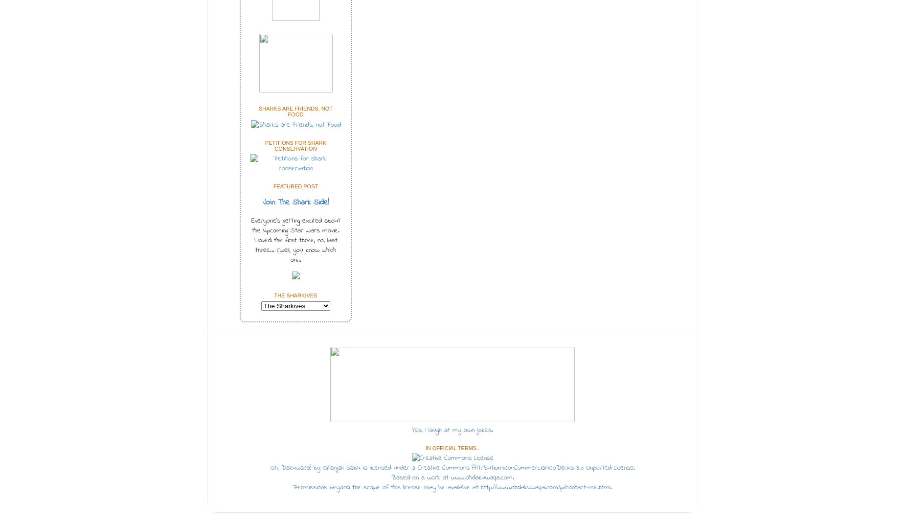 This screenshot has height=522, width=905. I want to click on 'Sharks are Friends, not Food', so click(258, 112).